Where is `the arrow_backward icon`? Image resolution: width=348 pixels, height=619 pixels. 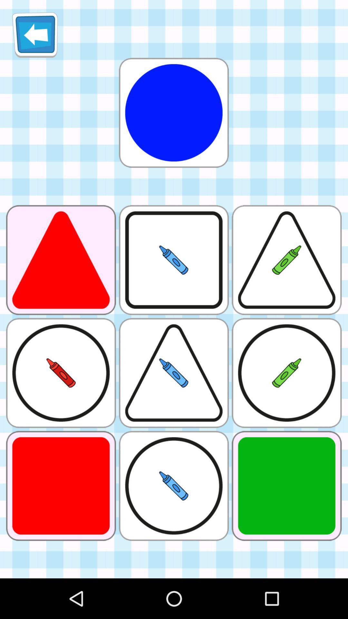 the arrow_backward icon is located at coordinates (35, 37).